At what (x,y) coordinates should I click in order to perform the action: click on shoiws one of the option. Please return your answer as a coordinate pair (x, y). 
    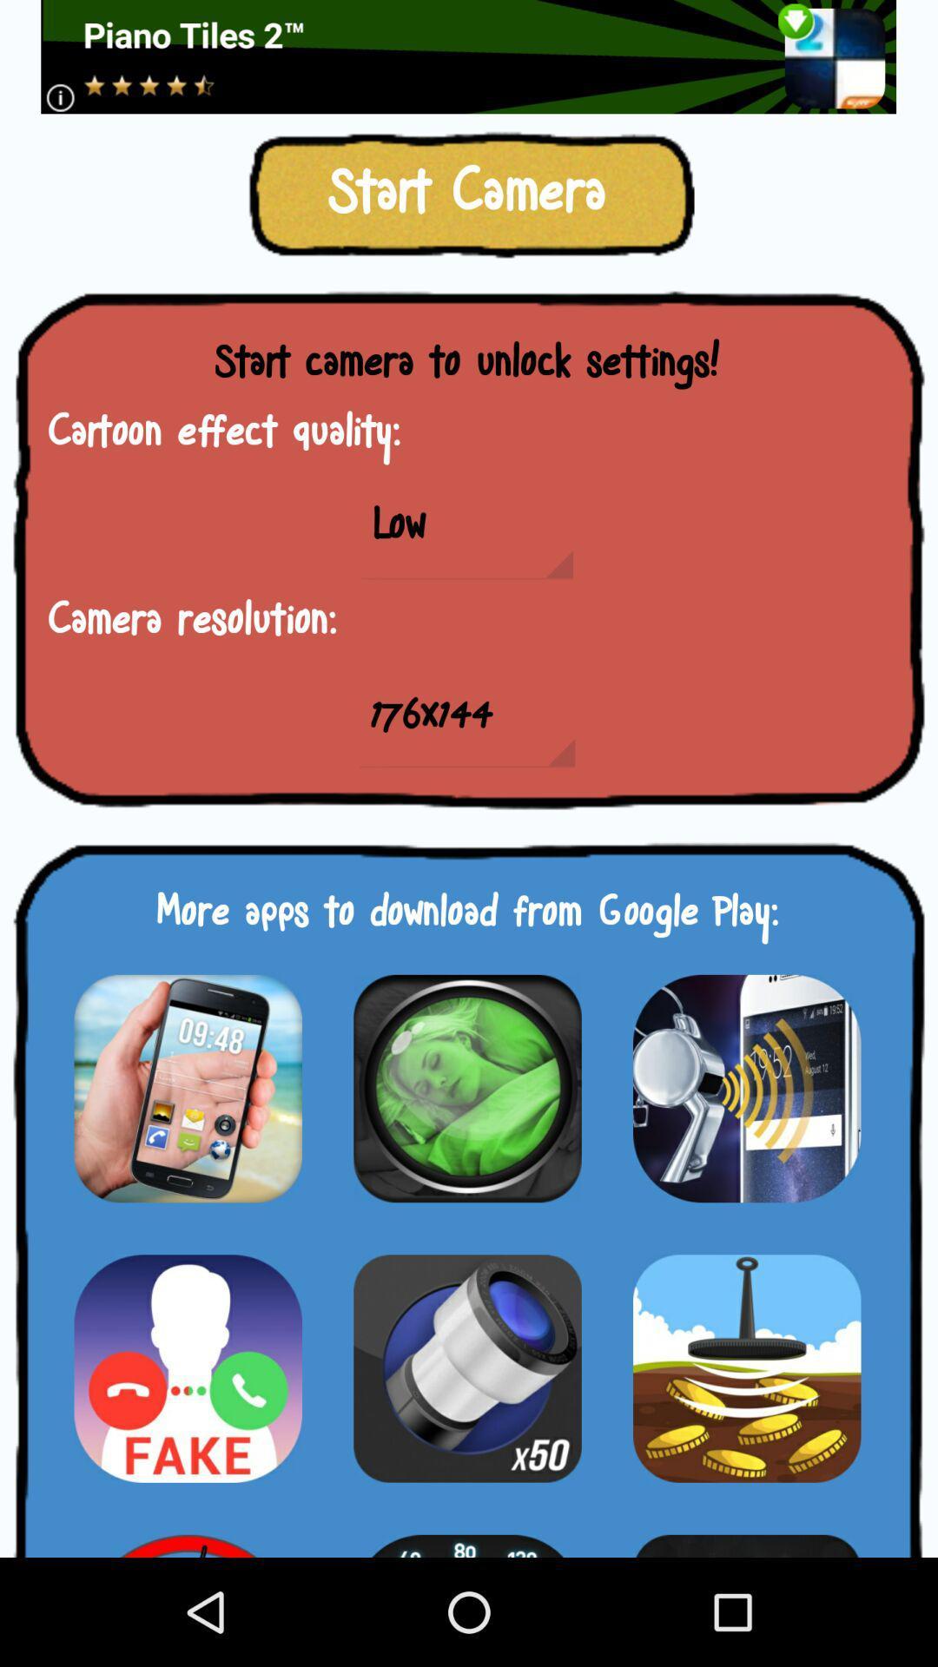
    Looking at the image, I should click on (188, 1535).